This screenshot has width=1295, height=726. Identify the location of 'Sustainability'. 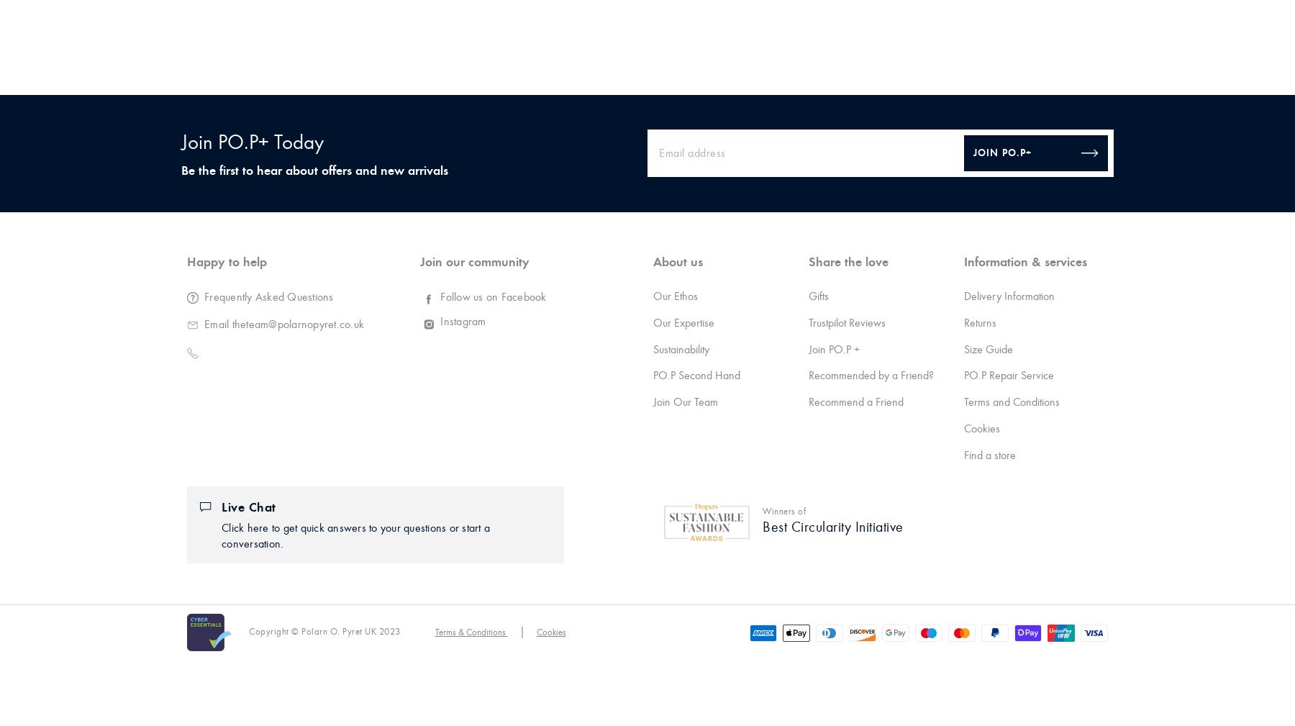
(652, 348).